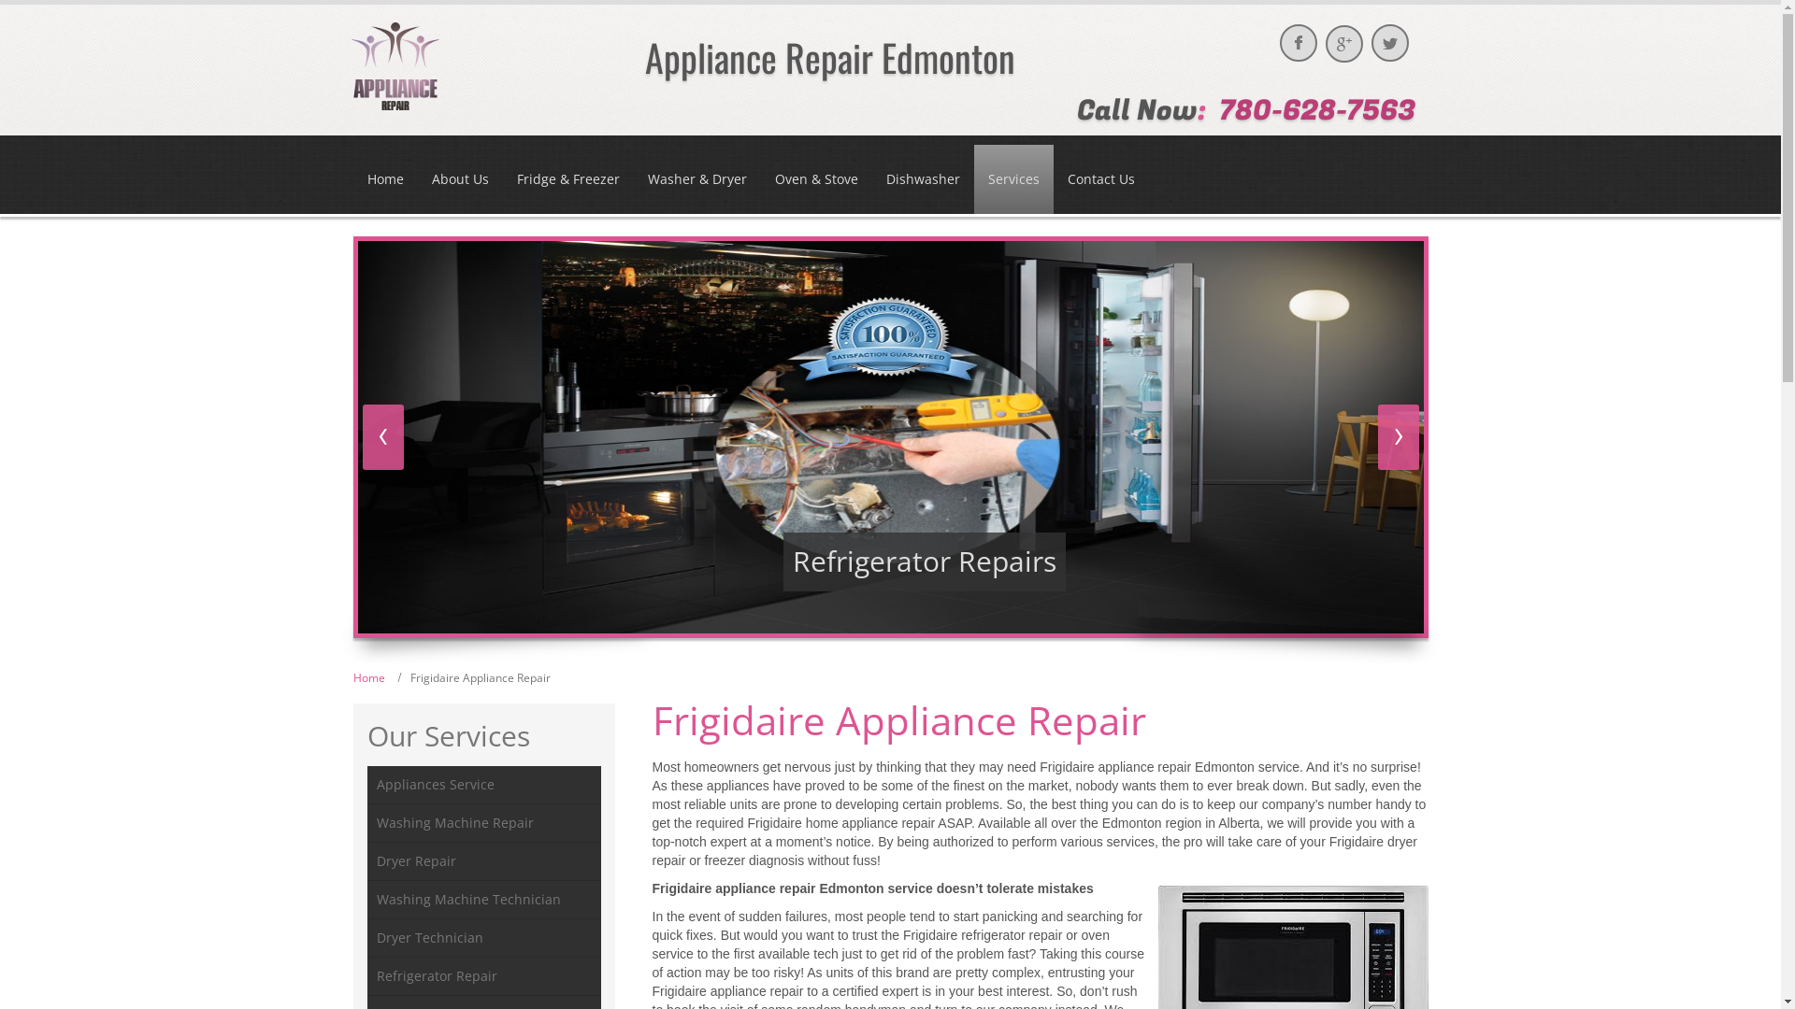  I want to click on 'Dryer Repair', so click(483, 861).